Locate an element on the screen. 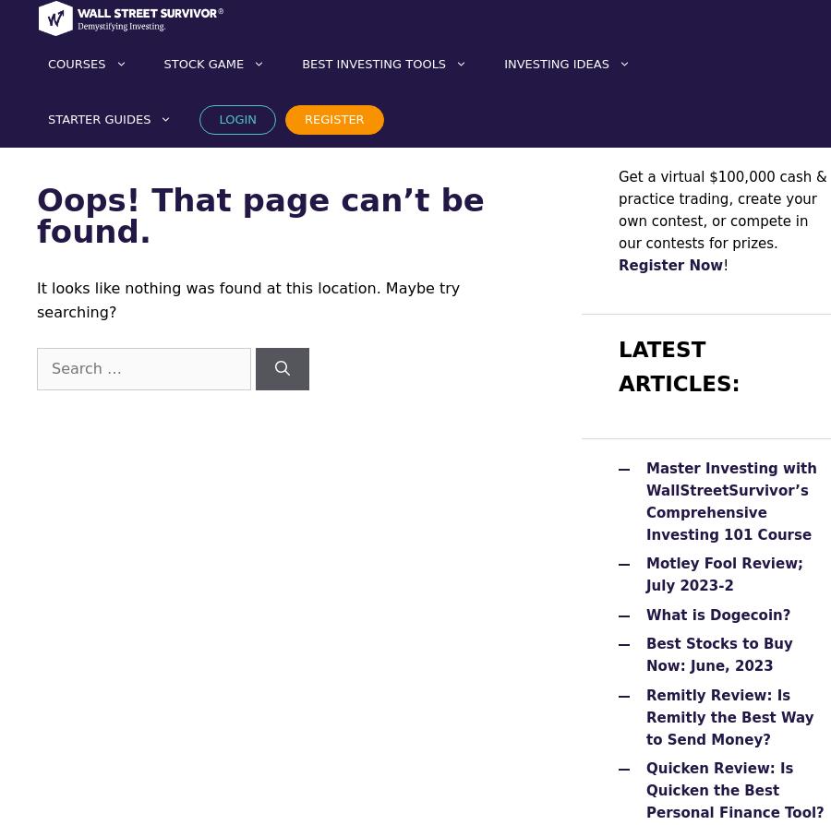 Image resolution: width=831 pixels, height=825 pixels. 'Register' is located at coordinates (333, 119).